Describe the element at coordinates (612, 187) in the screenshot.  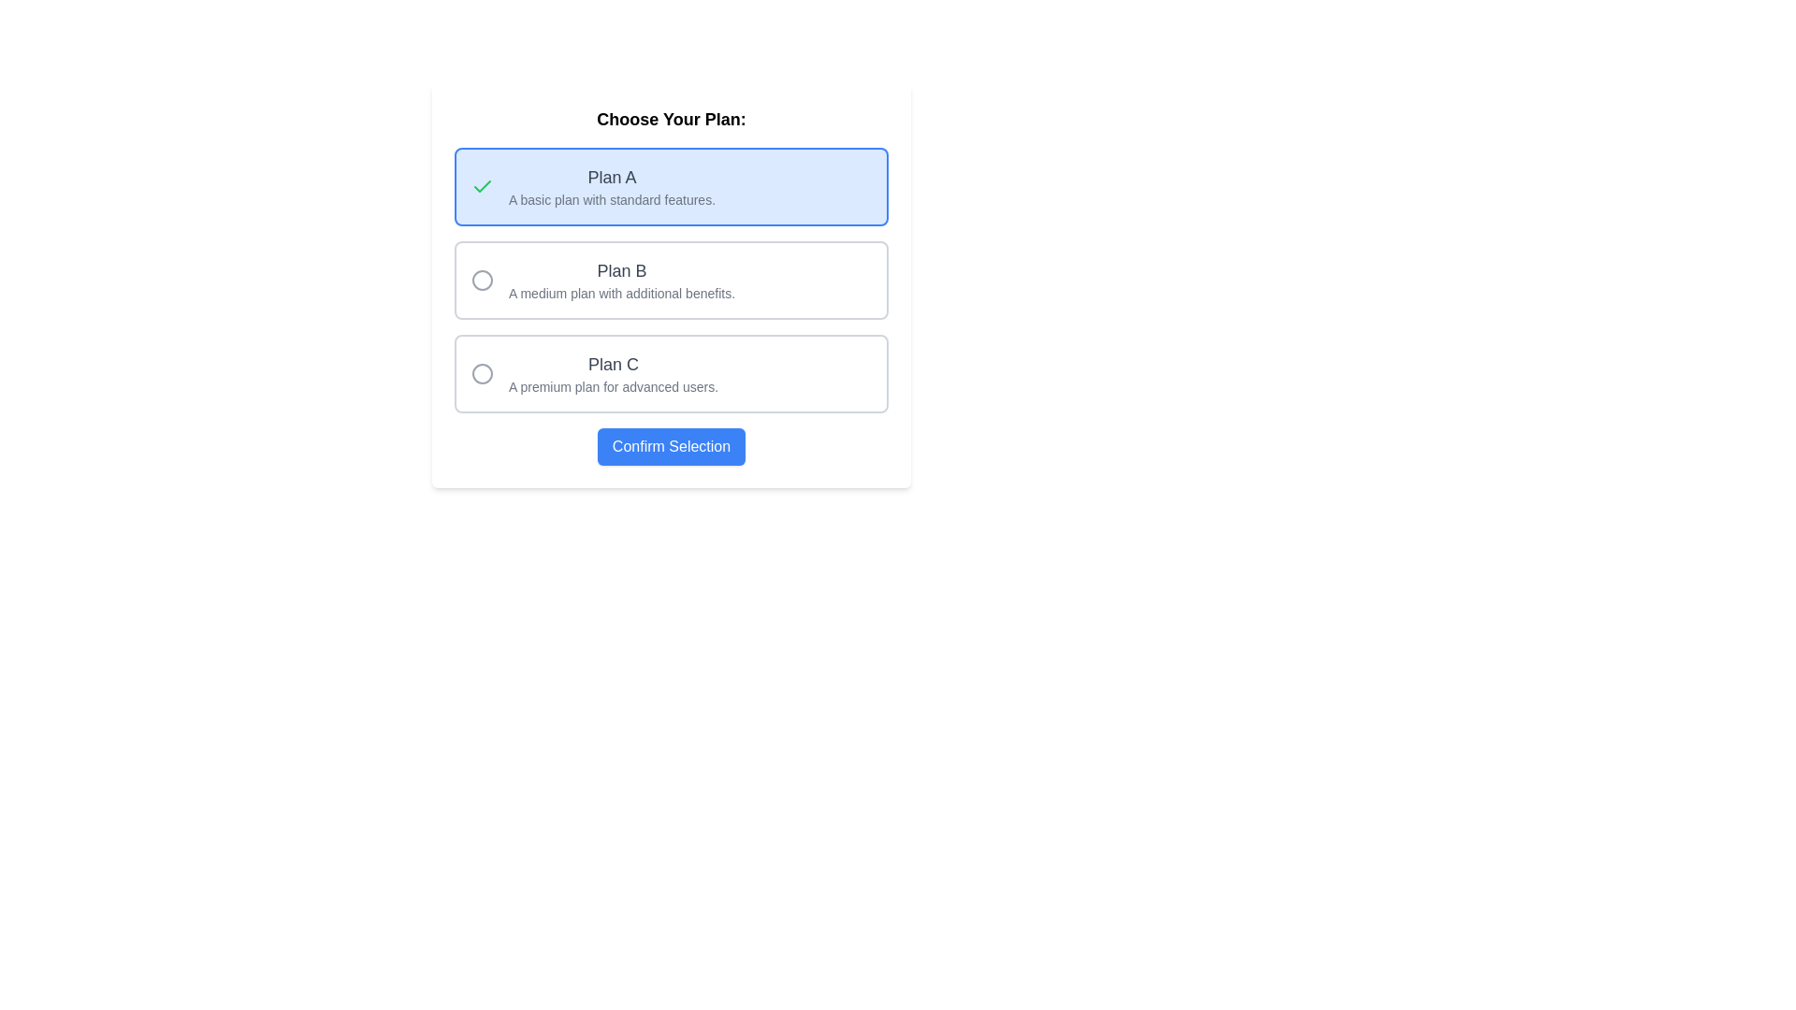
I see `the 'Plan A' text block within the blue highlighted box` at that location.